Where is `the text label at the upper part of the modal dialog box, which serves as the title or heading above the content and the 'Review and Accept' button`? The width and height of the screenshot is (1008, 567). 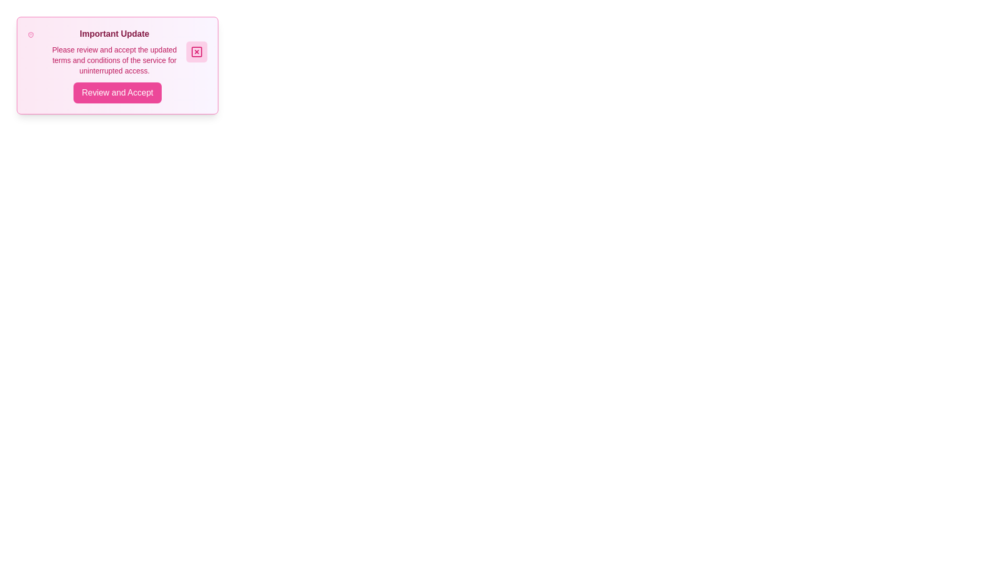 the text label at the upper part of the modal dialog box, which serves as the title or heading above the content and the 'Review and Accept' button is located at coordinates (114, 34).